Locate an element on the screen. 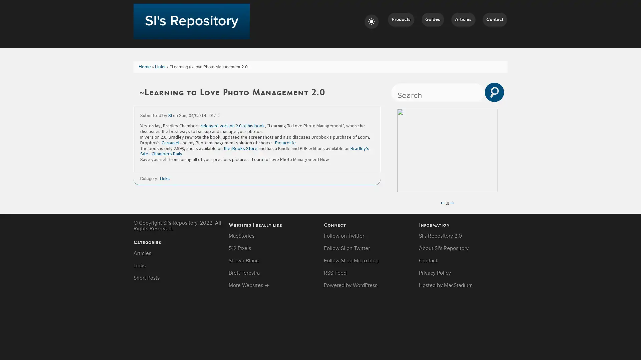 The height and width of the screenshot is (360, 641). Search is located at coordinates (494, 92).